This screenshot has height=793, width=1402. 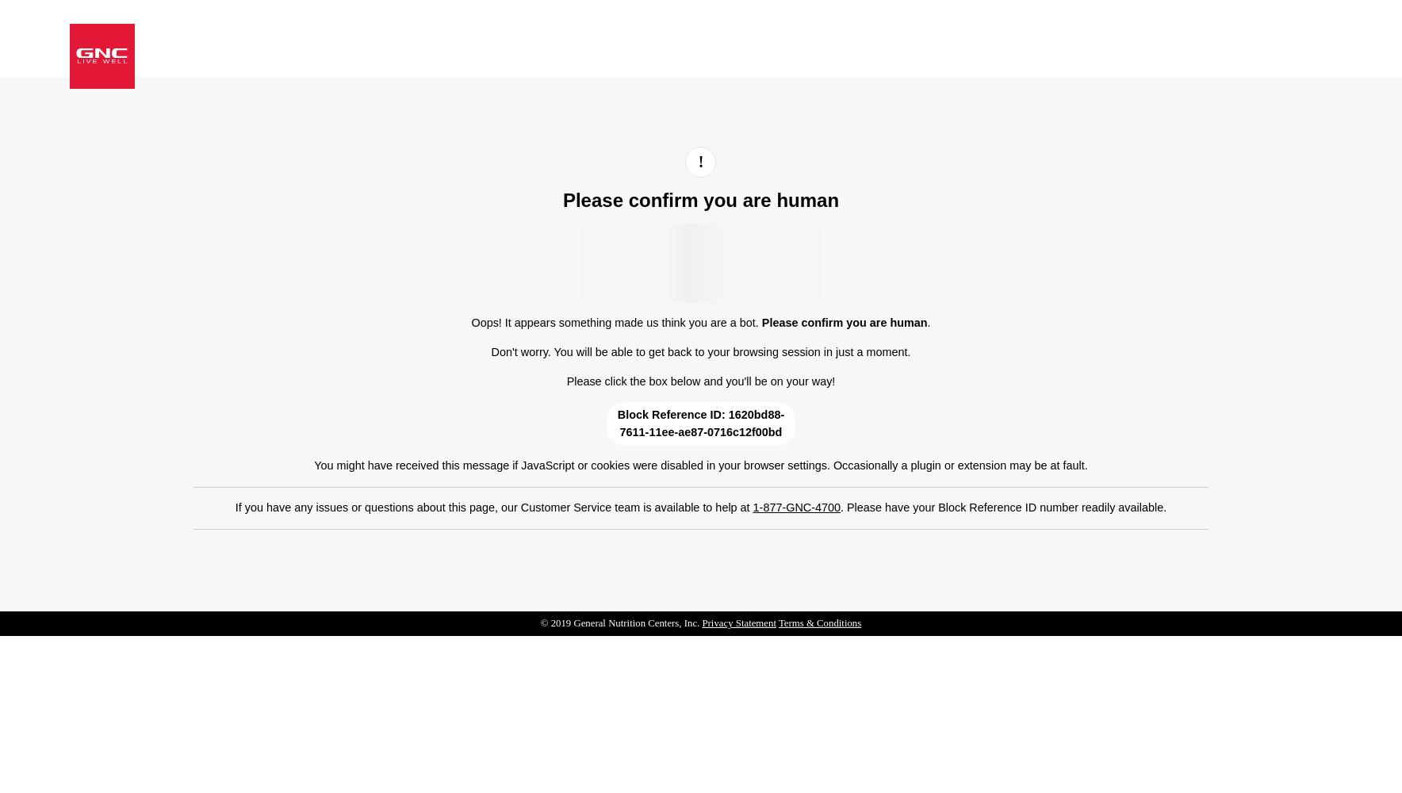 I want to click on '. Please have your Block Reference ID number readily available.', so click(x=1003, y=507).